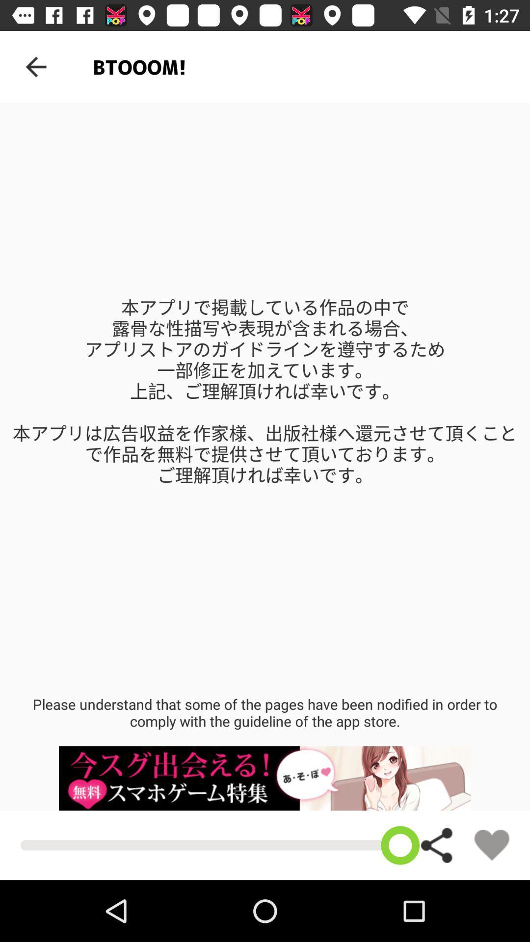 This screenshot has width=530, height=942. I want to click on go back, so click(35, 66).